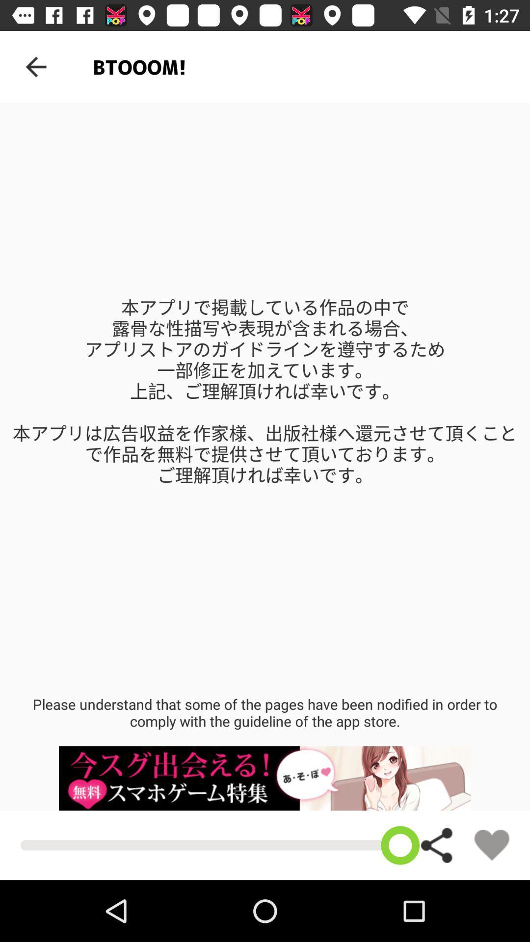 This screenshot has width=530, height=942. I want to click on go back, so click(35, 66).